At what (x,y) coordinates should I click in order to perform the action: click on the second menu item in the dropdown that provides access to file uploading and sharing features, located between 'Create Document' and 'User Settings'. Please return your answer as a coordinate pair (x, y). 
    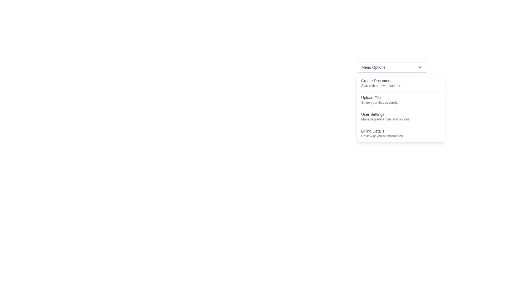
    Looking at the image, I should click on (392, 106).